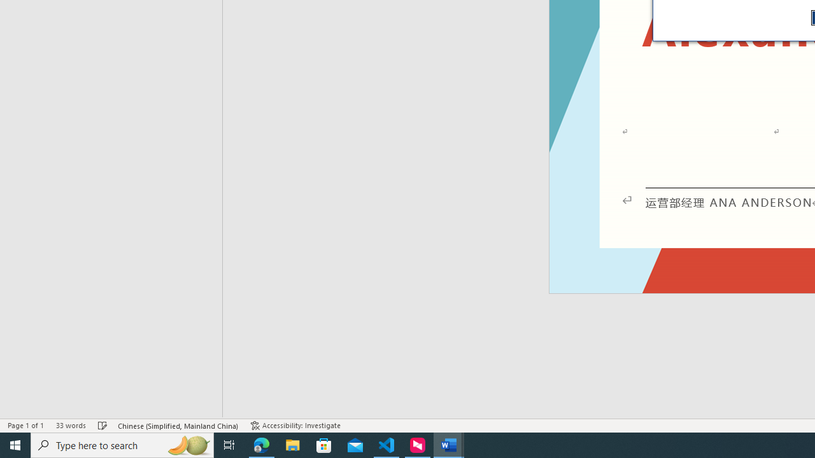 The height and width of the screenshot is (458, 815). Describe the element at coordinates (229, 444) in the screenshot. I see `'Task View'` at that location.